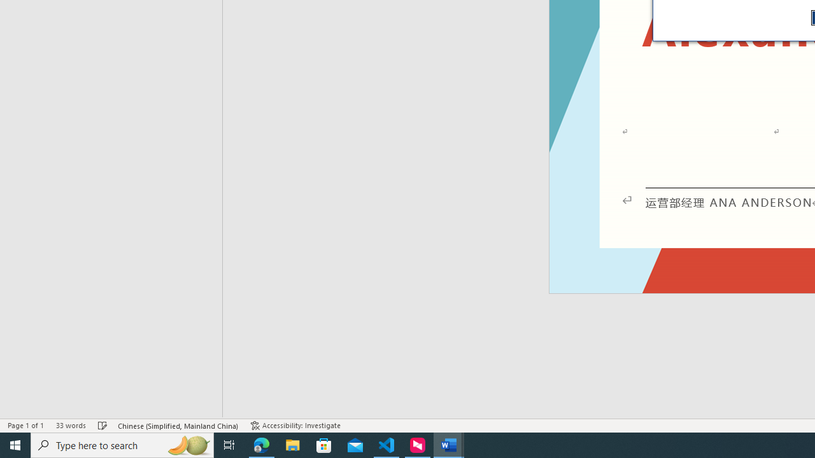 The height and width of the screenshot is (458, 815). Describe the element at coordinates (229, 444) in the screenshot. I see `'Task View'` at that location.